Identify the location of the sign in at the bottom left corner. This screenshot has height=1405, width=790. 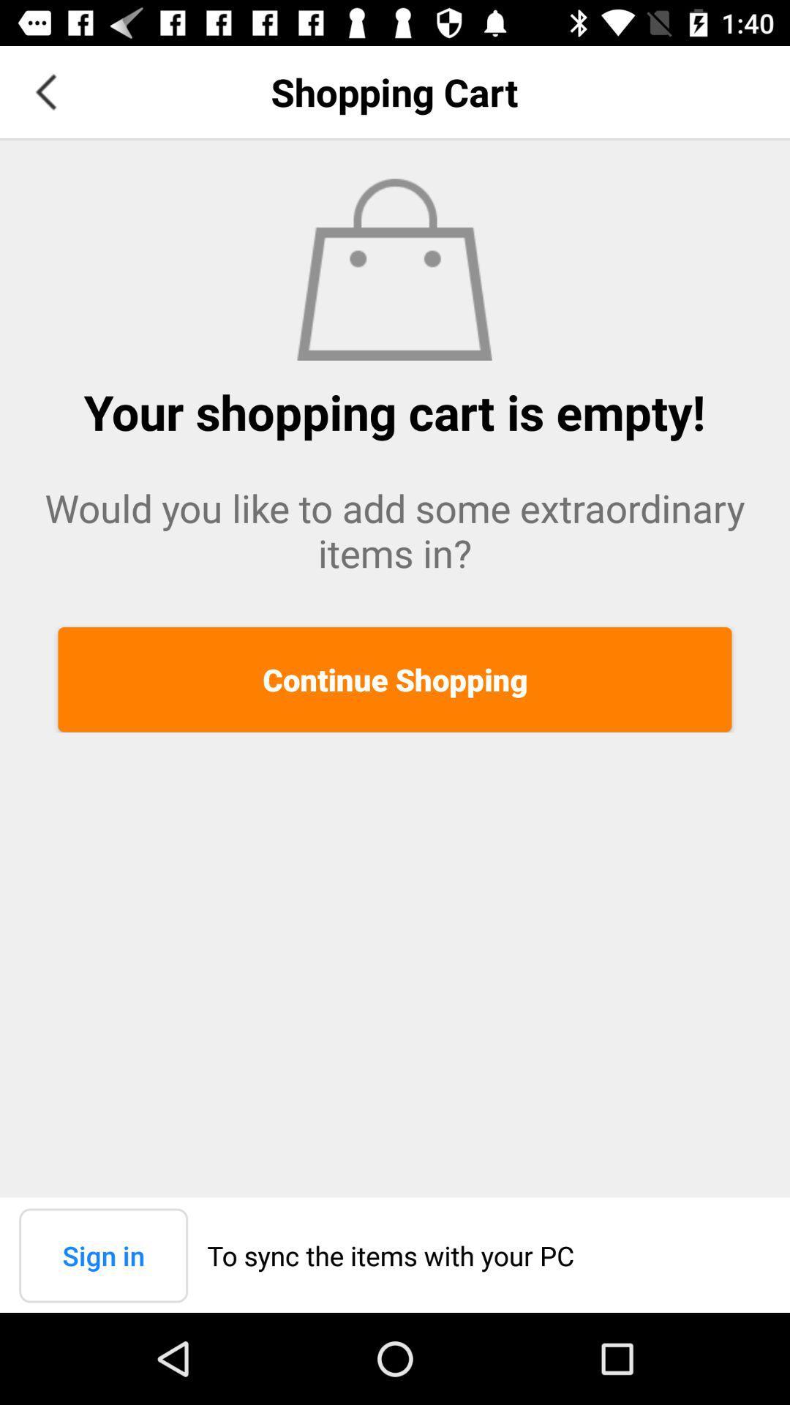
(102, 1254).